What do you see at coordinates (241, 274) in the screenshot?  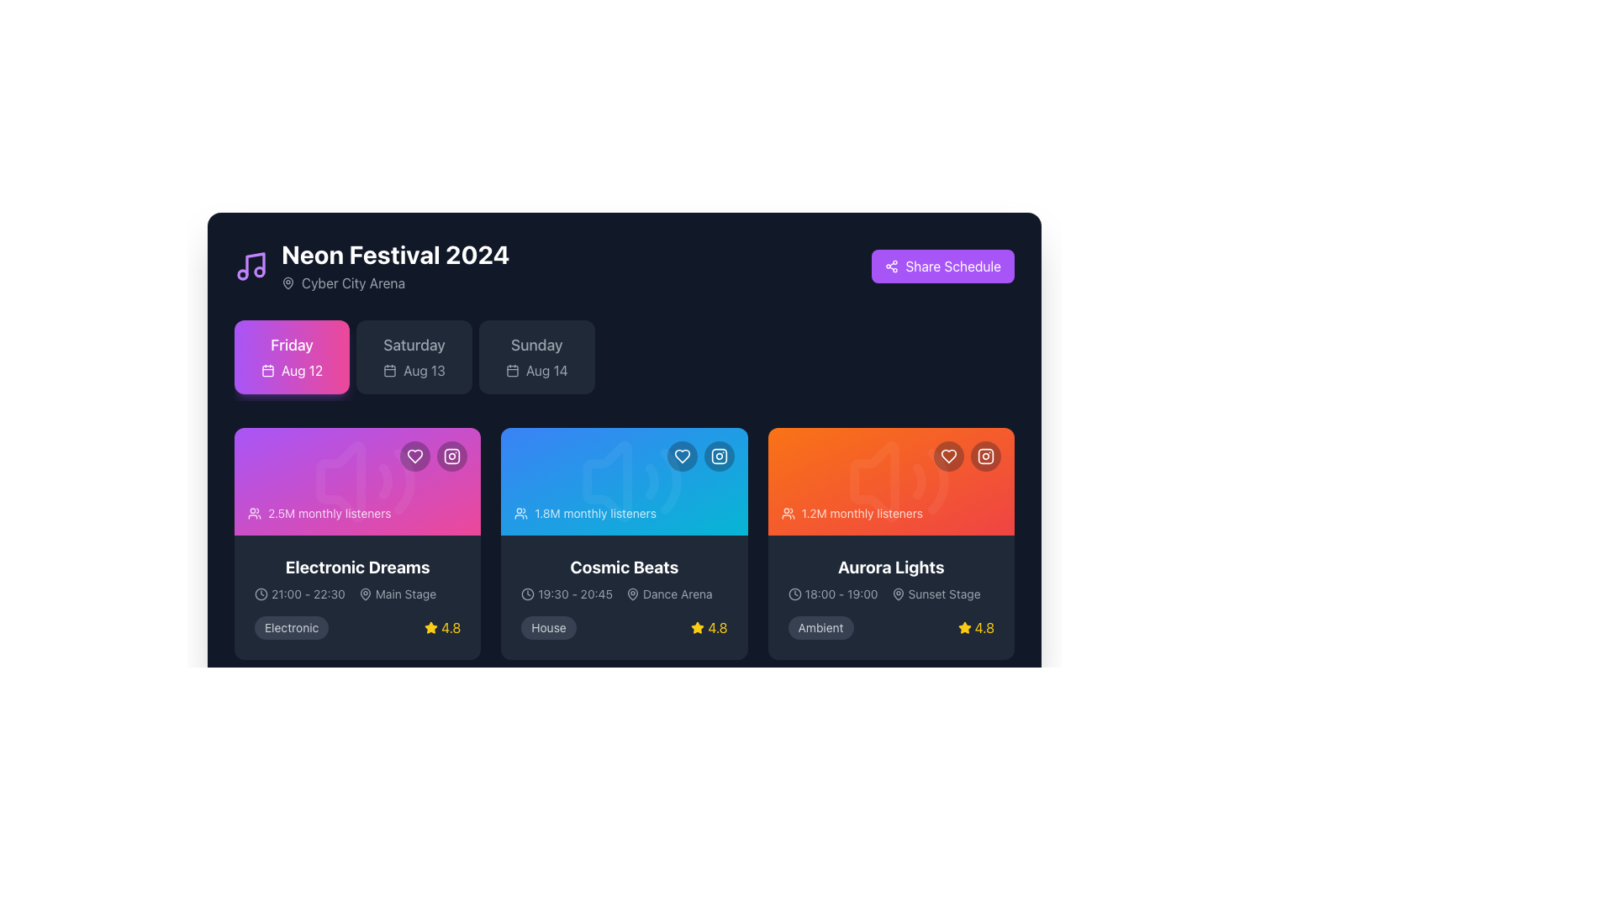 I see `the leftmost and lower circular component of the SVG music icon, which visually represents music and is located to the left of the header text 'Neon Festival 2024'` at bounding box center [241, 274].